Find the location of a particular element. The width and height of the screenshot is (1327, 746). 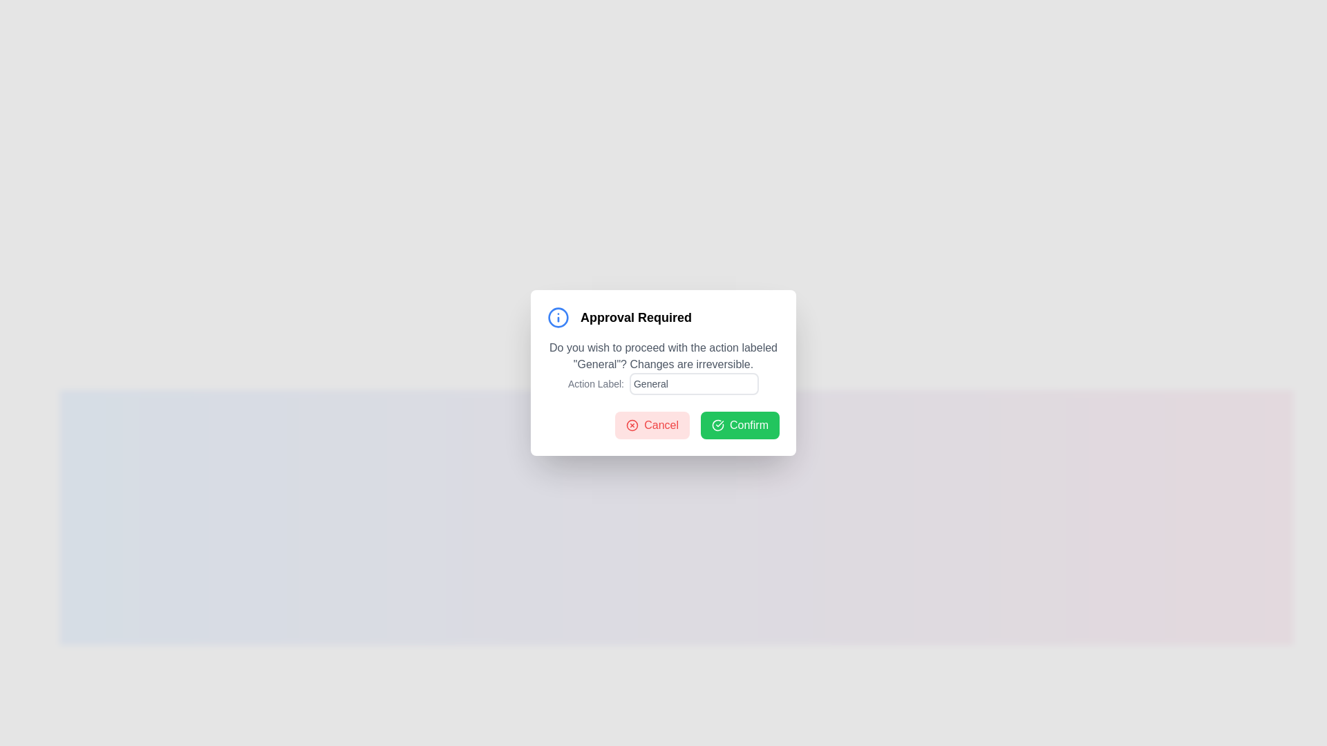

the 'Approval Required' title element with a blue info icon is located at coordinates (663, 317).